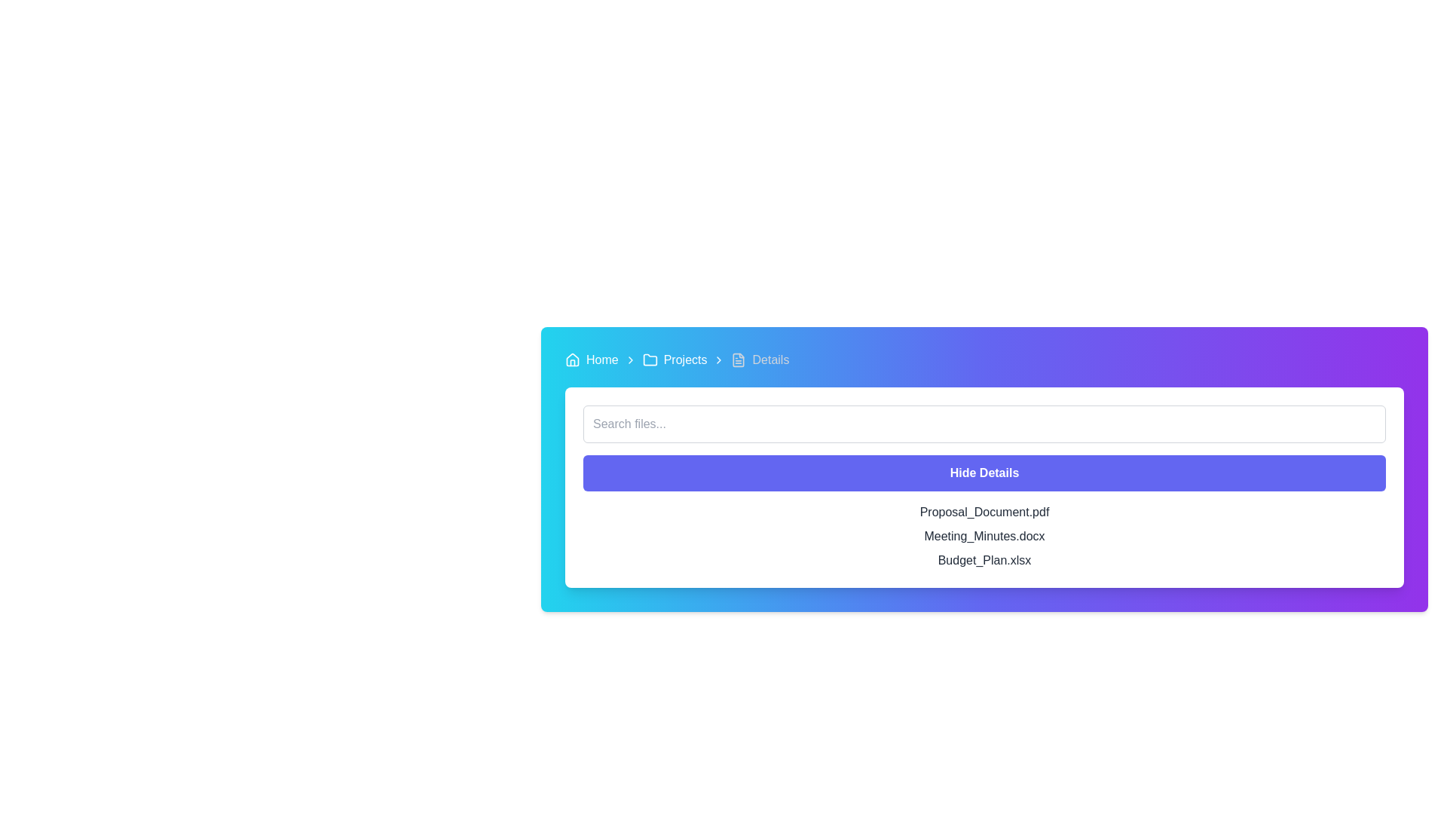 Image resolution: width=1447 pixels, height=814 pixels. Describe the element at coordinates (630, 360) in the screenshot. I see `right-facing chevron icon serving as a separator in the breadcrumb navigation between 'Home' and 'Projects'` at that location.